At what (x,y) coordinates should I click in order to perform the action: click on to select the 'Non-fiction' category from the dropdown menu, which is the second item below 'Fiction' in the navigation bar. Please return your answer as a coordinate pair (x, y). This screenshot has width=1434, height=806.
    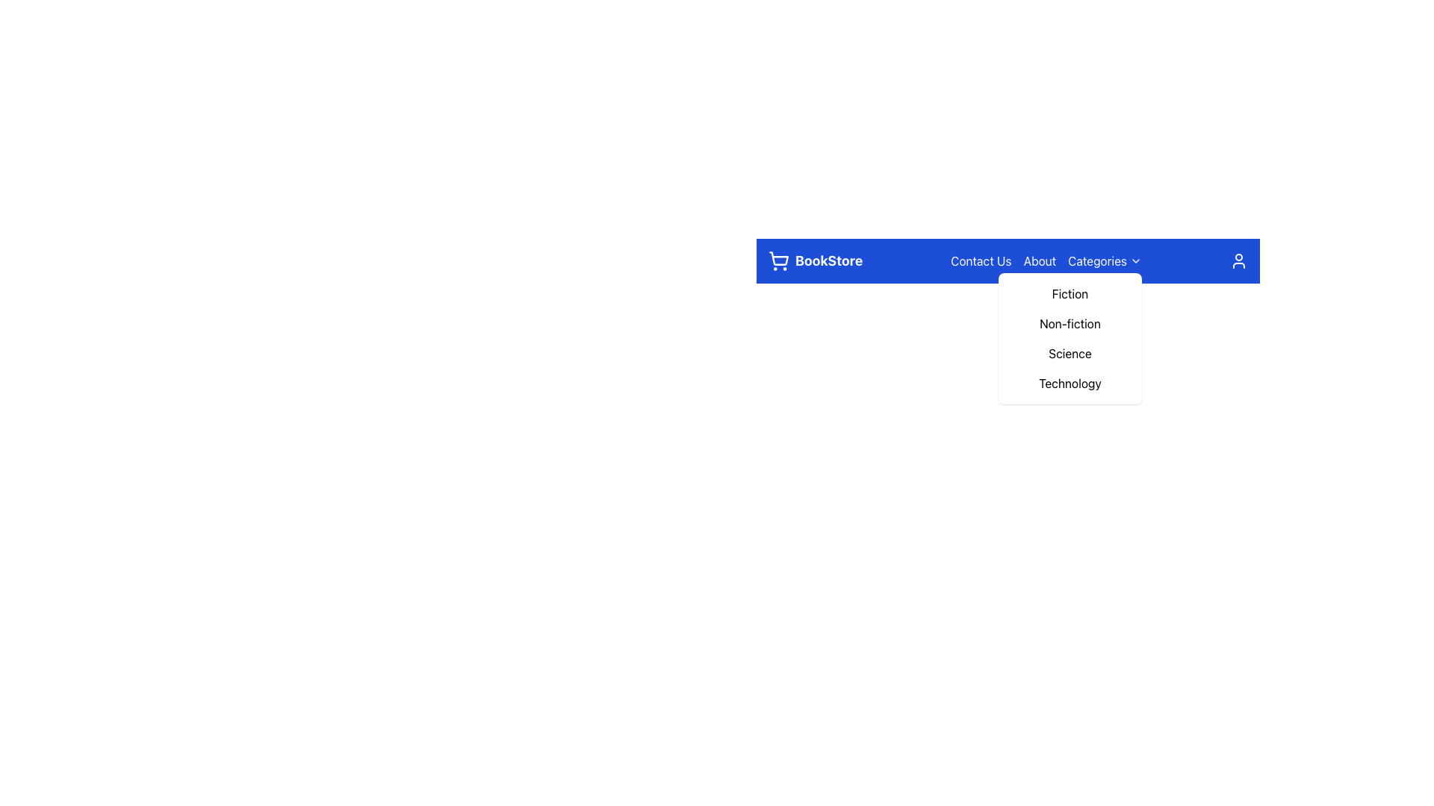
    Looking at the image, I should click on (1069, 323).